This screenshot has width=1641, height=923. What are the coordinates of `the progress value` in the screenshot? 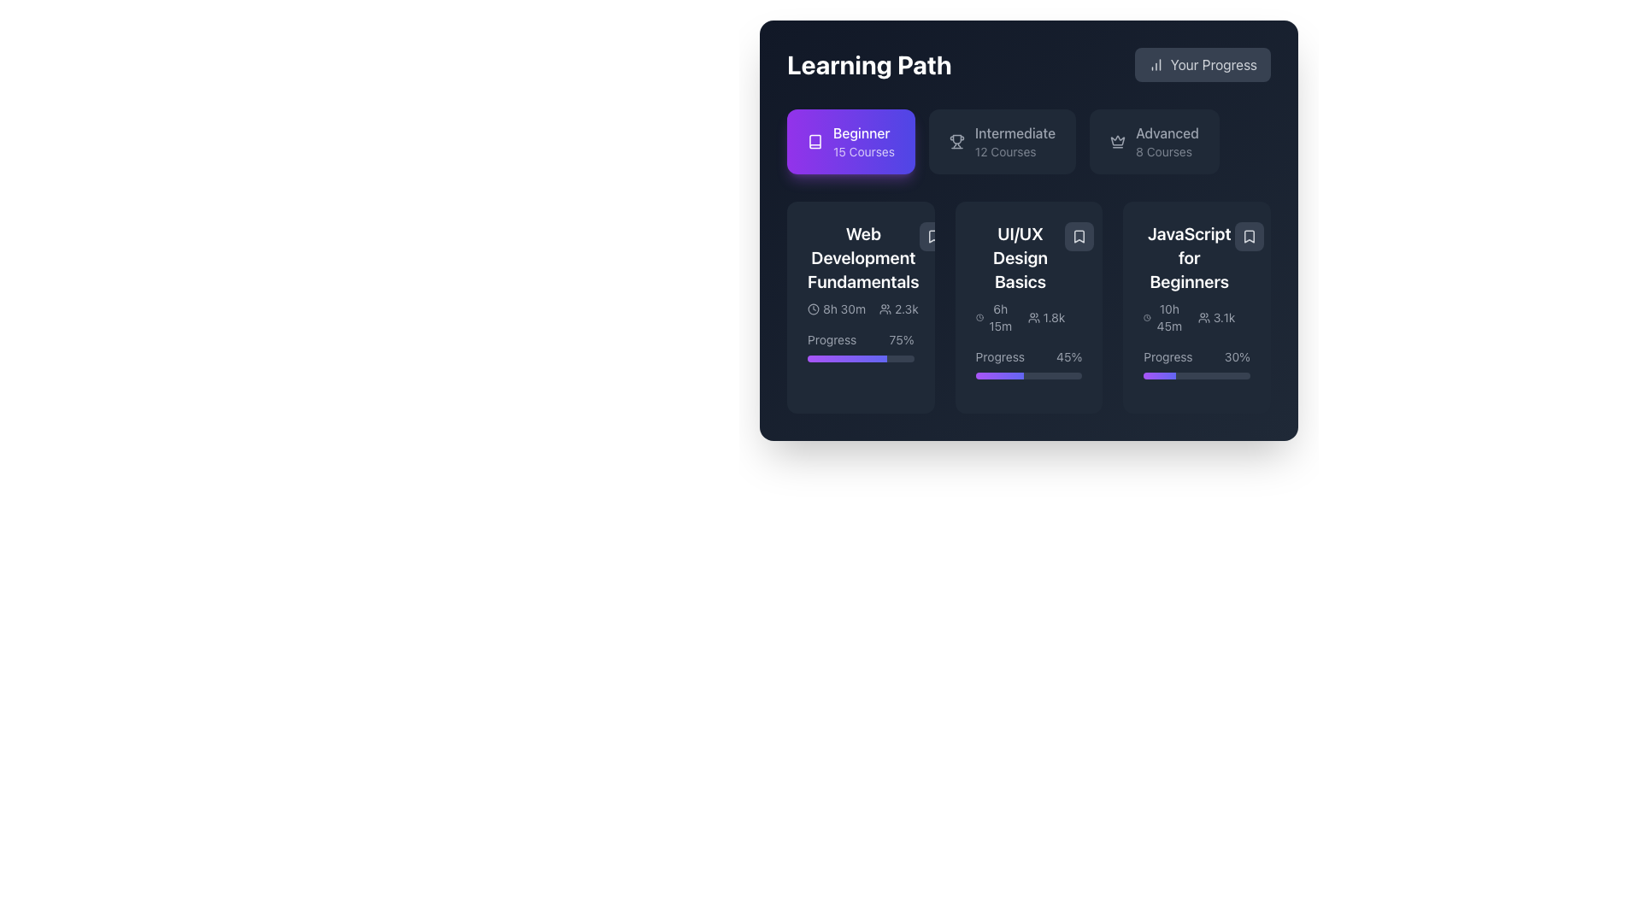 It's located at (1149, 374).